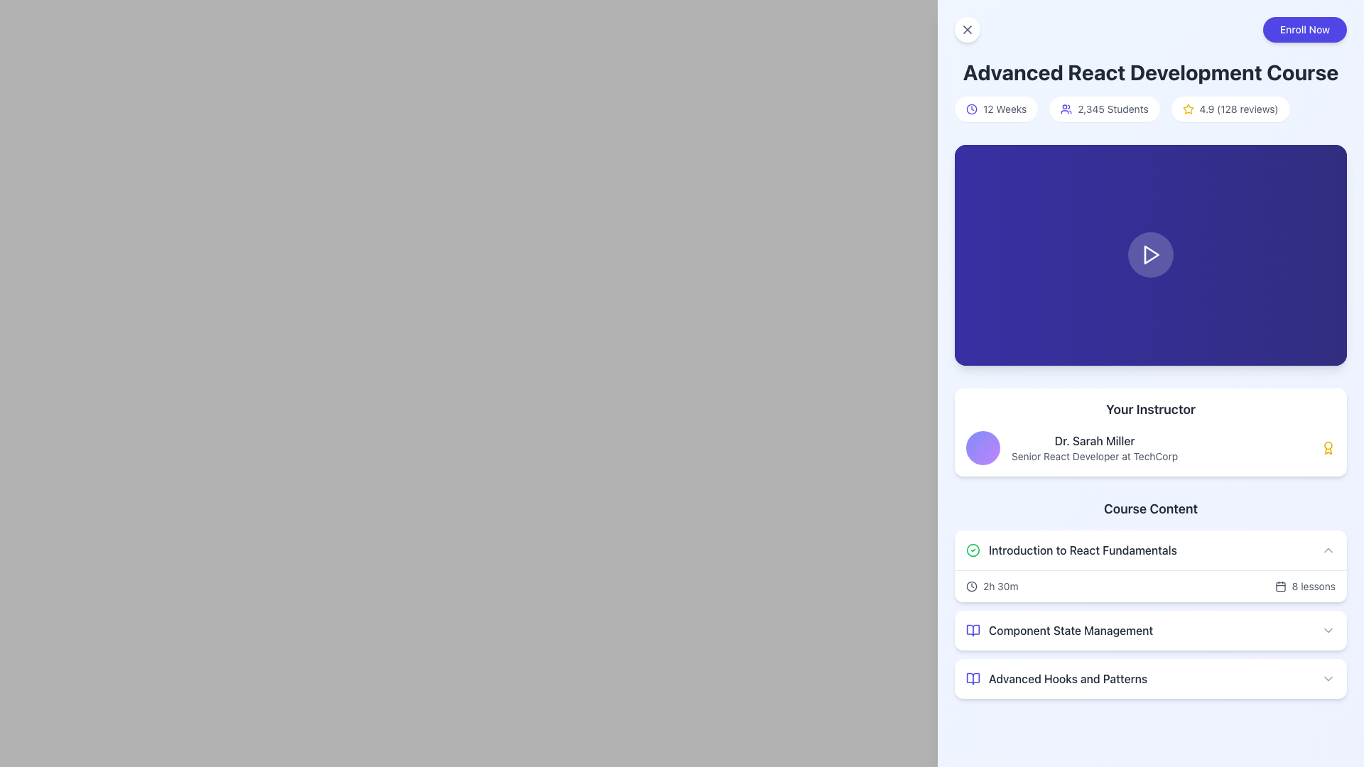  I want to click on the toggle button (chevron icon) located in the top-right corner of the 'Introduction to React Fundamentals' section, so click(1328, 549).